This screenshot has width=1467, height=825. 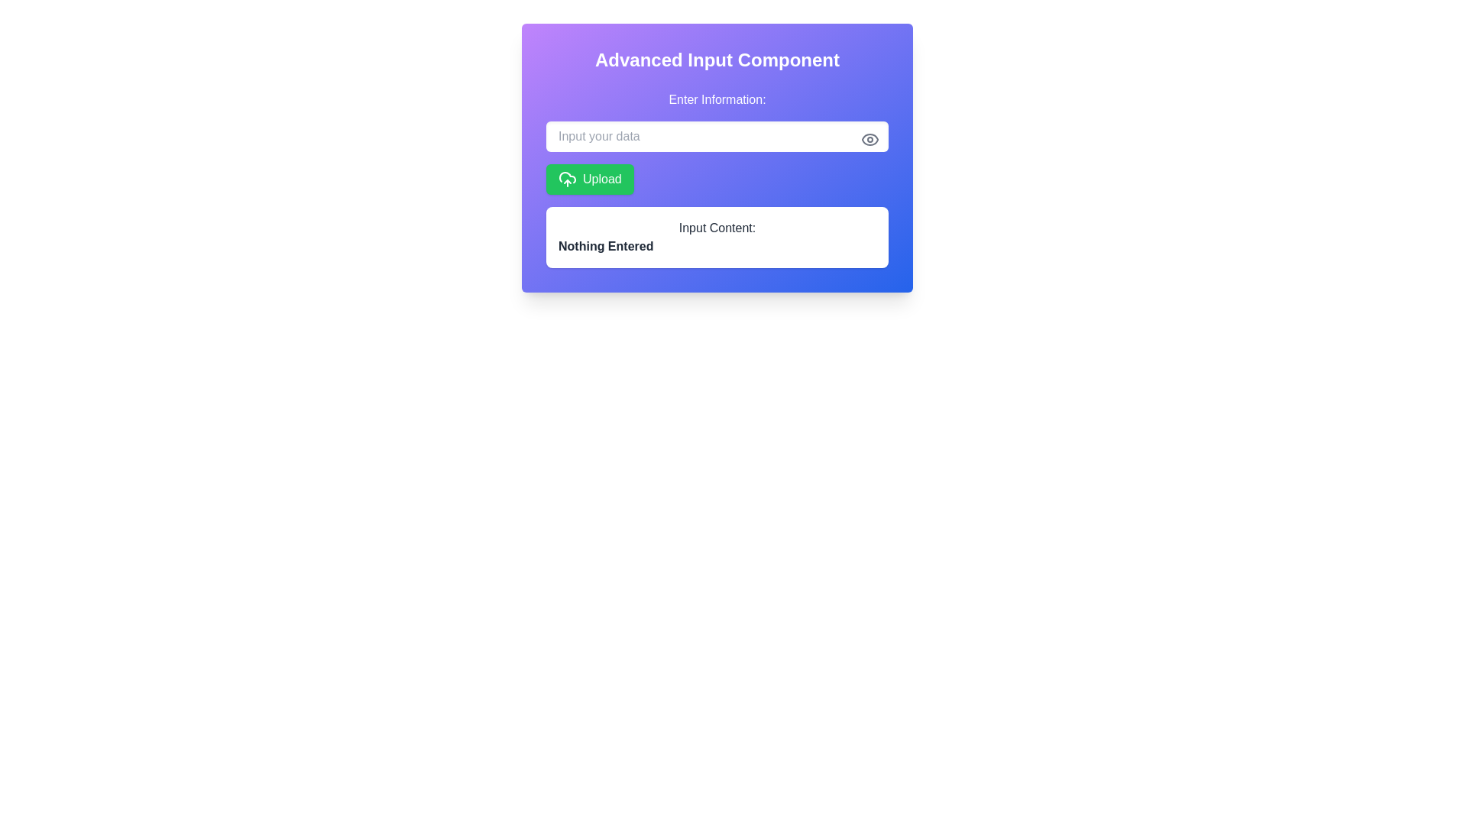 I want to click on the eye symbol graphical component located at the far-right inside the input field area, which serves as a visibility toggle for the associated input field, so click(x=870, y=139).